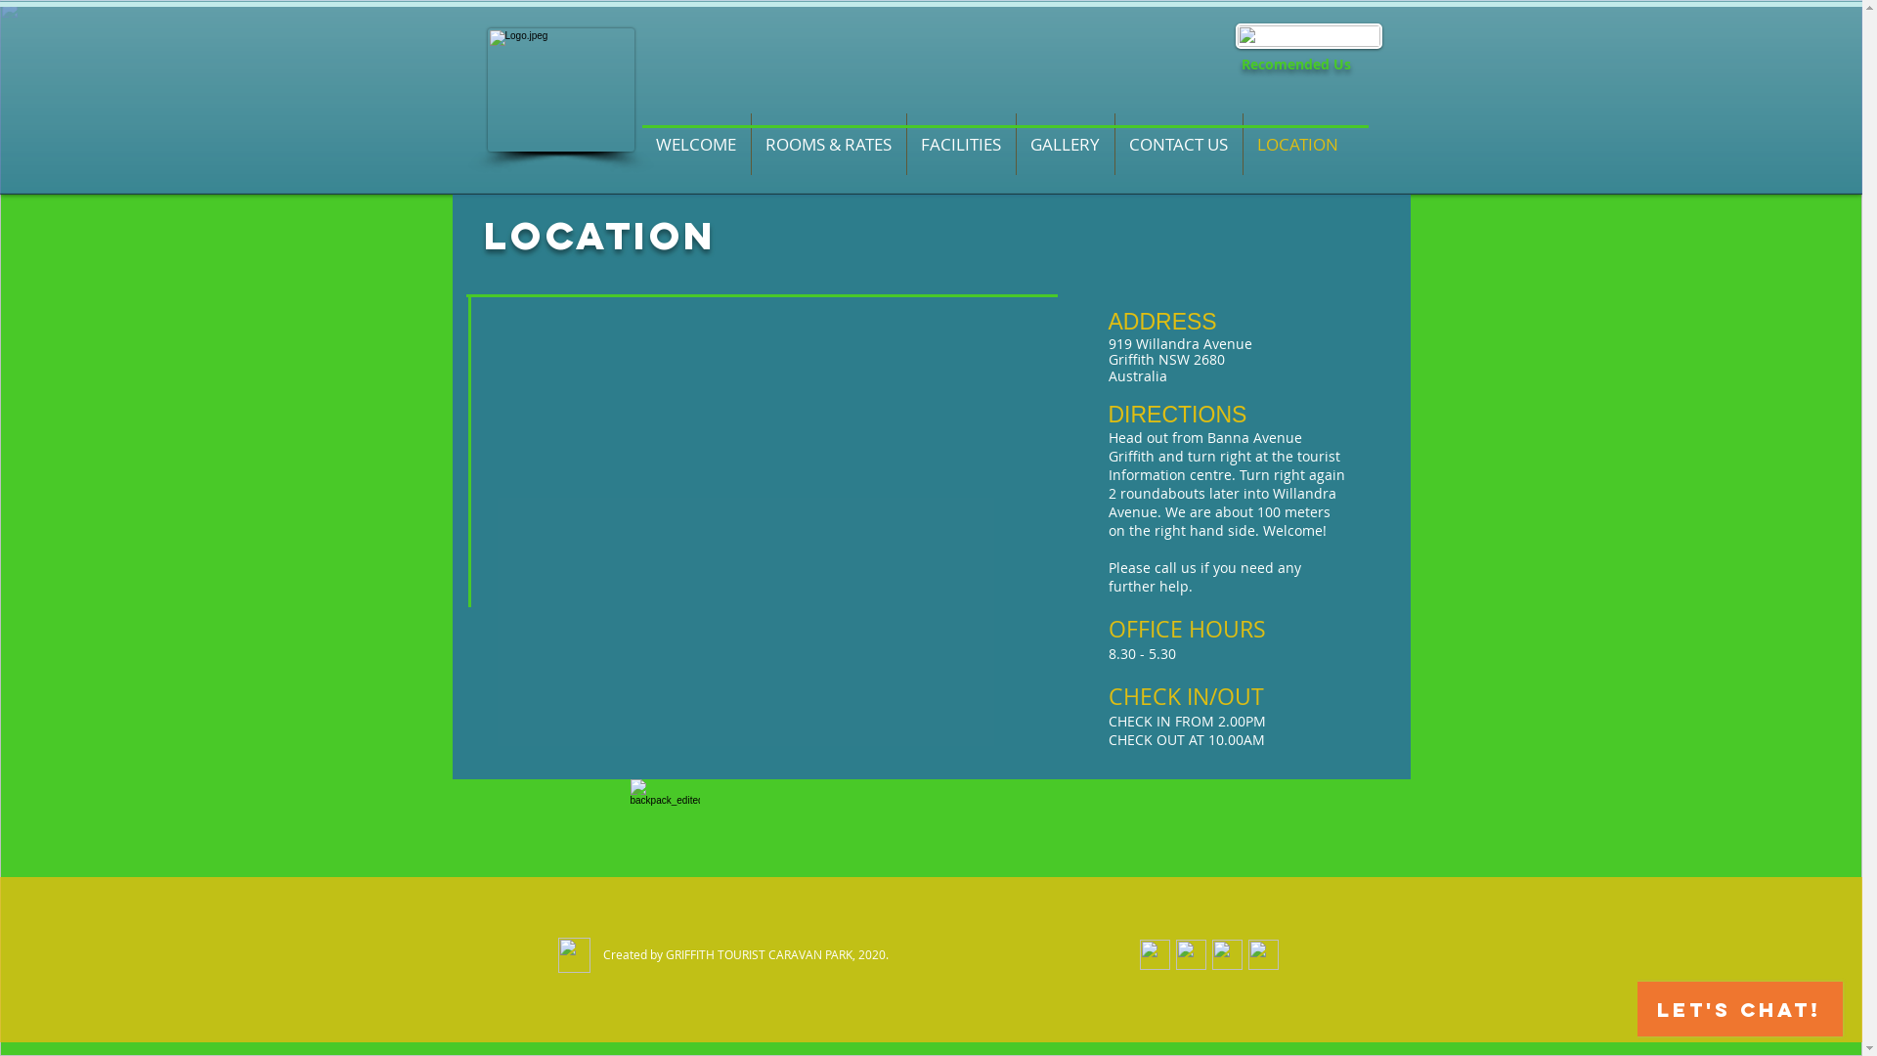 This screenshot has width=1877, height=1056. Describe the element at coordinates (1176, 143) in the screenshot. I see `'CONTACT US'` at that location.